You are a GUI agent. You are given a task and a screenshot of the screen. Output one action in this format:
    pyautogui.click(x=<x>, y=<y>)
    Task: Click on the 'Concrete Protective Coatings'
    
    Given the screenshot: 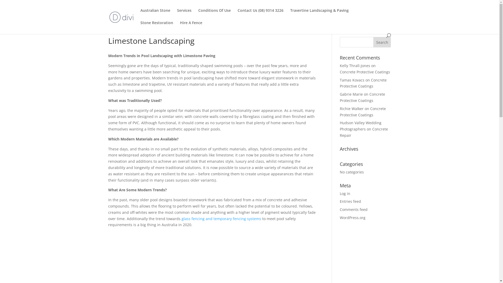 What is the action you would take?
    pyautogui.click(x=364, y=72)
    